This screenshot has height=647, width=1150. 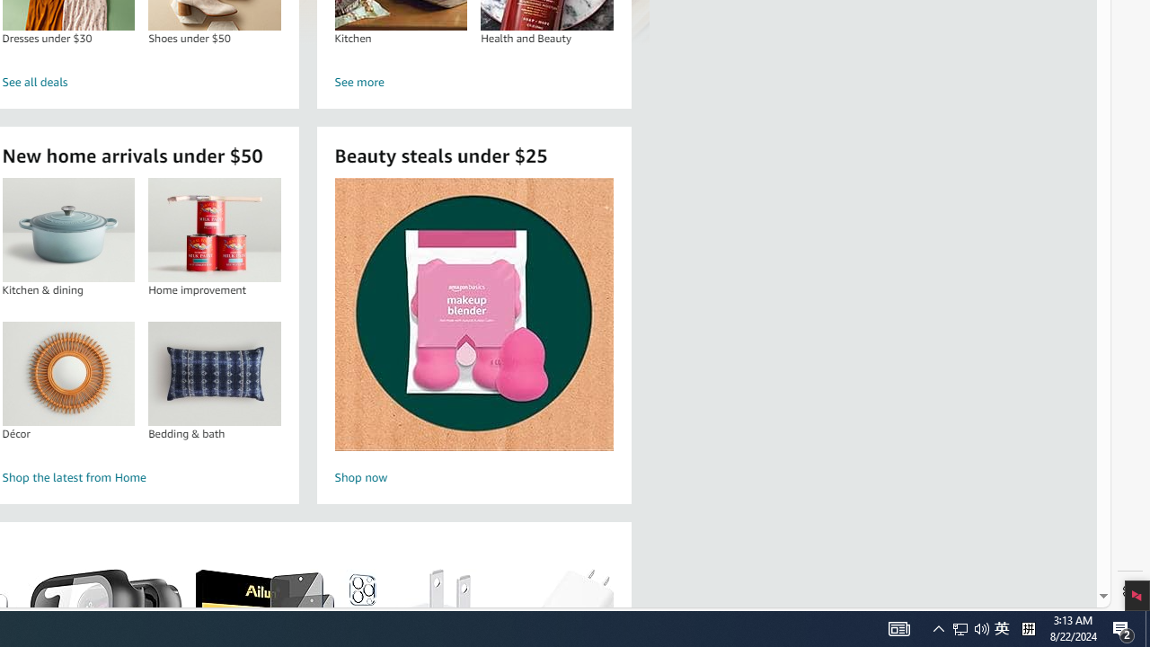 What do you see at coordinates (473, 333) in the screenshot?
I see `'Beauty steals under $25 Shop now'` at bounding box center [473, 333].